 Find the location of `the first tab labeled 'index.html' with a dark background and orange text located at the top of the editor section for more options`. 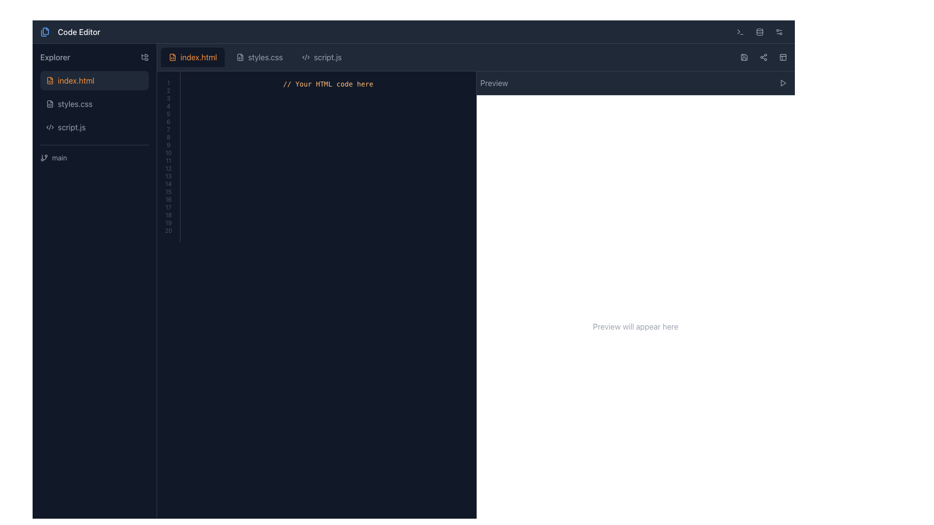

the first tab labeled 'index.html' with a dark background and orange text located at the top of the editor section for more options is located at coordinates (193, 57).